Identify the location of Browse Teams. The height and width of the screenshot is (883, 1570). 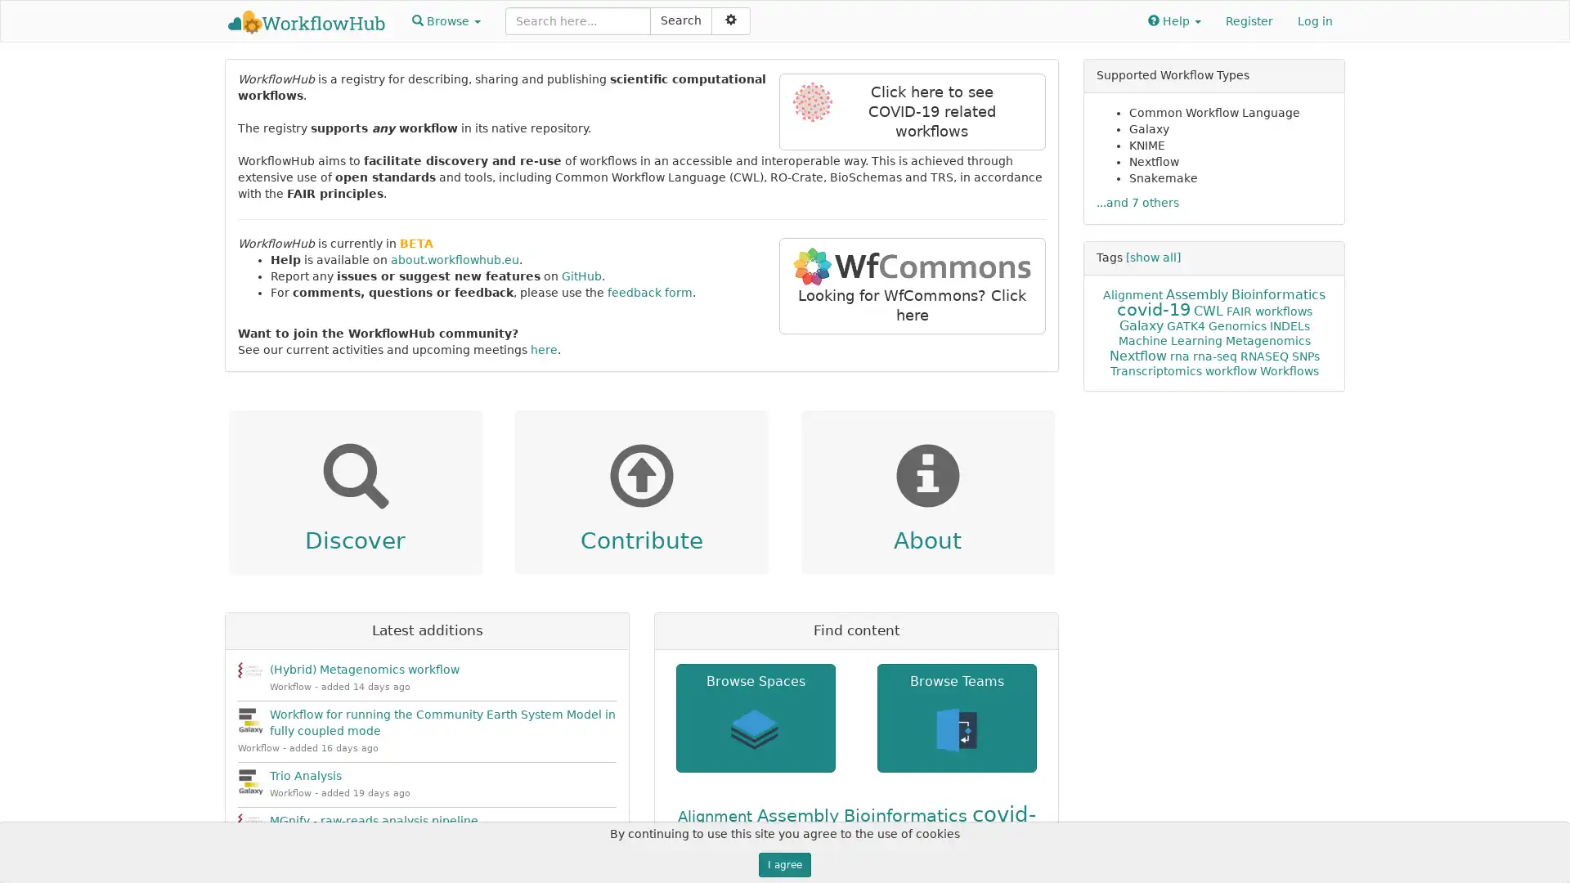
(957, 717).